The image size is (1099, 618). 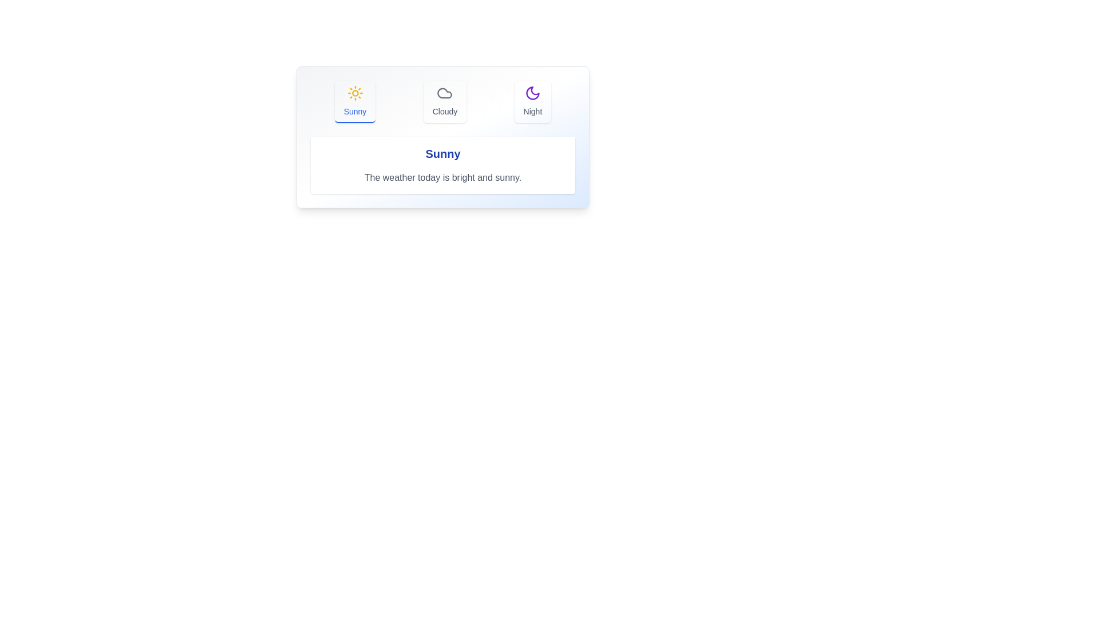 I want to click on the tab button labeled Night to view its hover effect, so click(x=532, y=101).